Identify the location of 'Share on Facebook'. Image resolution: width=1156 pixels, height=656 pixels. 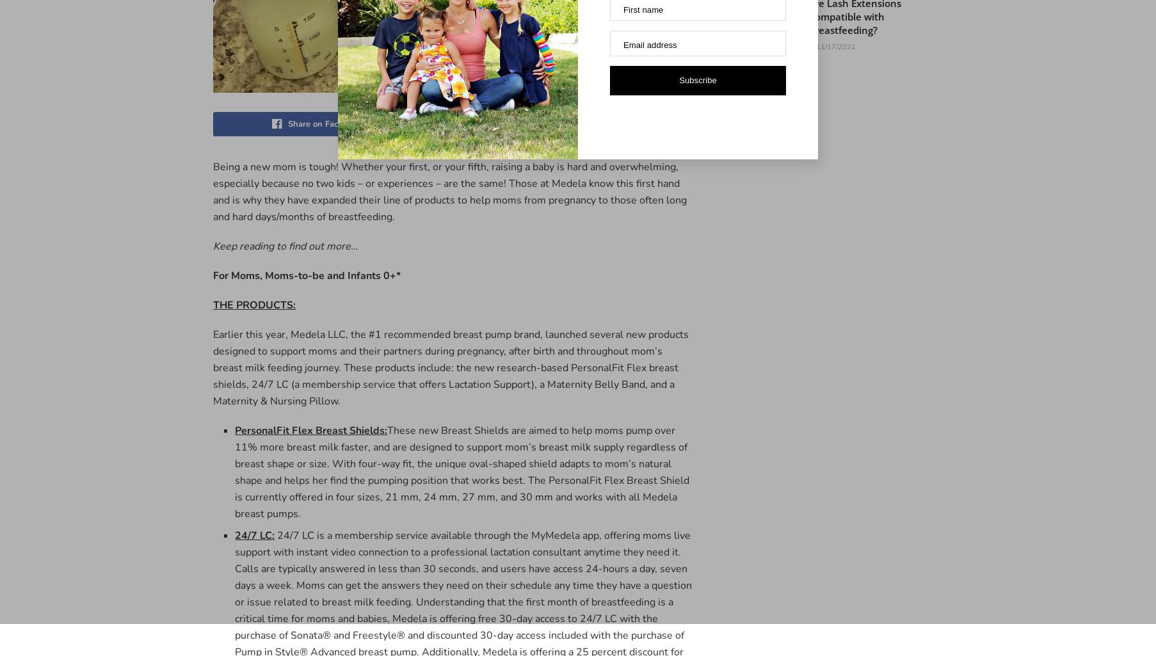
(287, 124).